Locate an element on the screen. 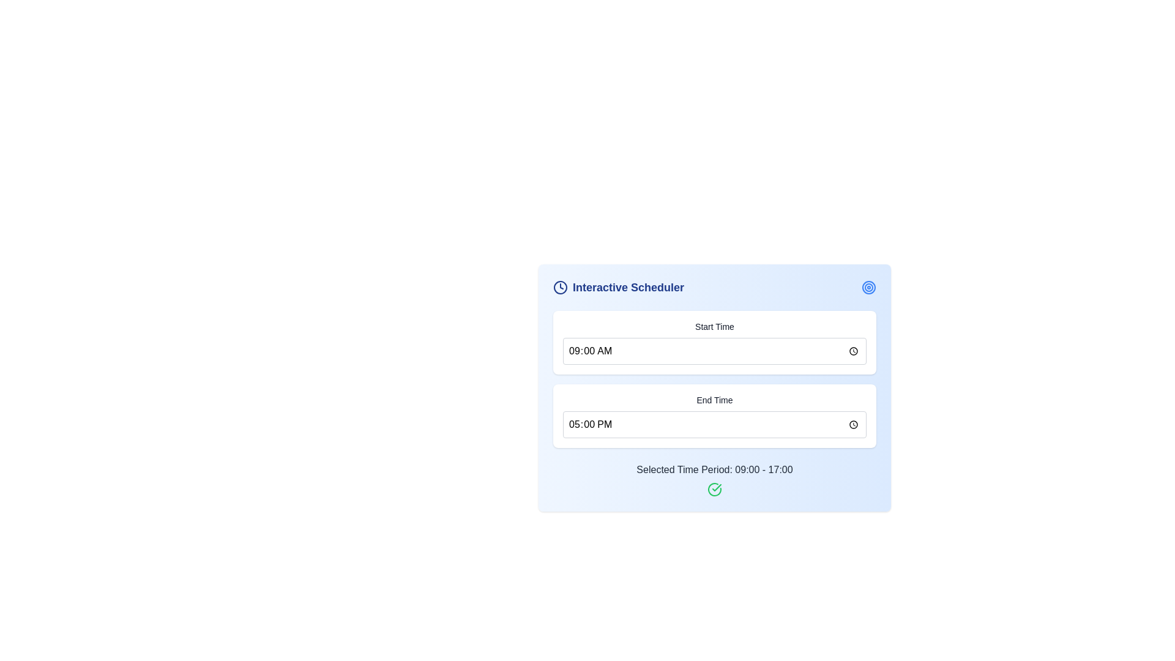 The height and width of the screenshot is (661, 1175). the blue circular element of the clock icon located next to the 'Interactive Scheduler' text in the top-left area of the content card is located at coordinates (560, 288).